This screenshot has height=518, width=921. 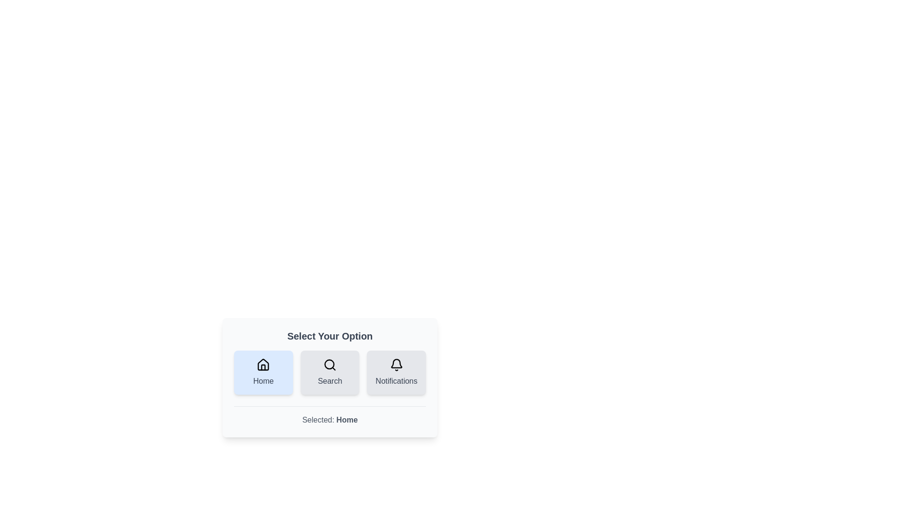 What do you see at coordinates (396, 372) in the screenshot?
I see `the Notifications button to select it` at bounding box center [396, 372].